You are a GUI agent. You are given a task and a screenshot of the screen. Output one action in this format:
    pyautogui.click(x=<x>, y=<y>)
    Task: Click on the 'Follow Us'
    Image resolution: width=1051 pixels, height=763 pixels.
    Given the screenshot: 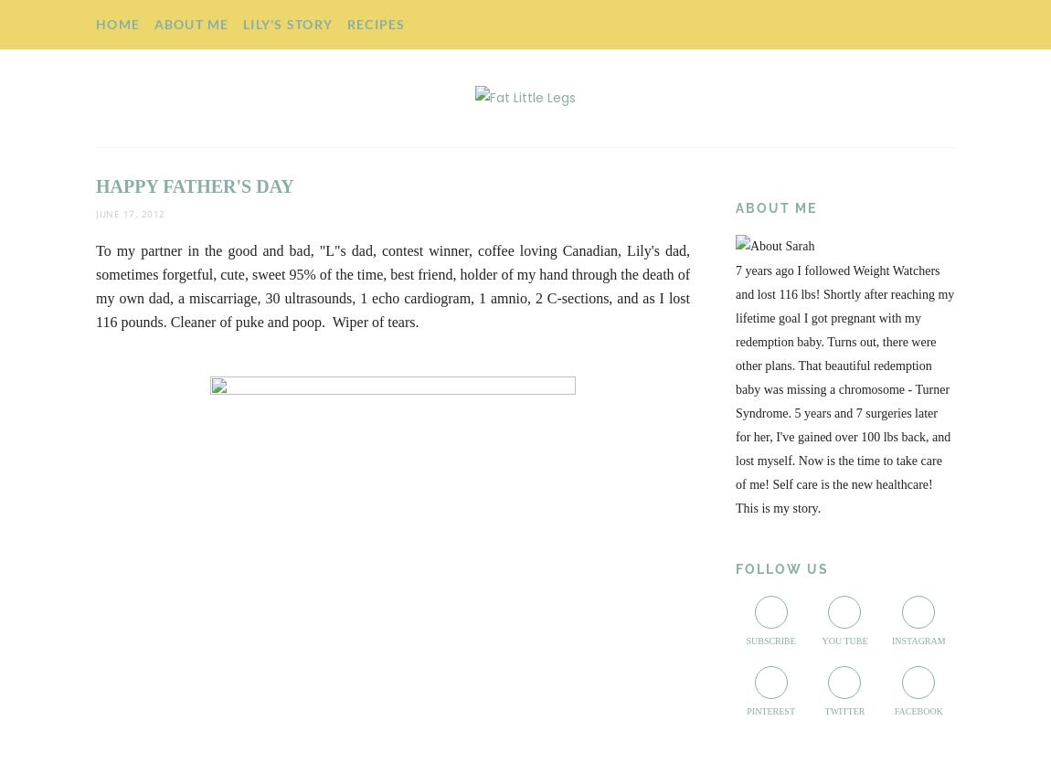 What is the action you would take?
    pyautogui.click(x=780, y=567)
    